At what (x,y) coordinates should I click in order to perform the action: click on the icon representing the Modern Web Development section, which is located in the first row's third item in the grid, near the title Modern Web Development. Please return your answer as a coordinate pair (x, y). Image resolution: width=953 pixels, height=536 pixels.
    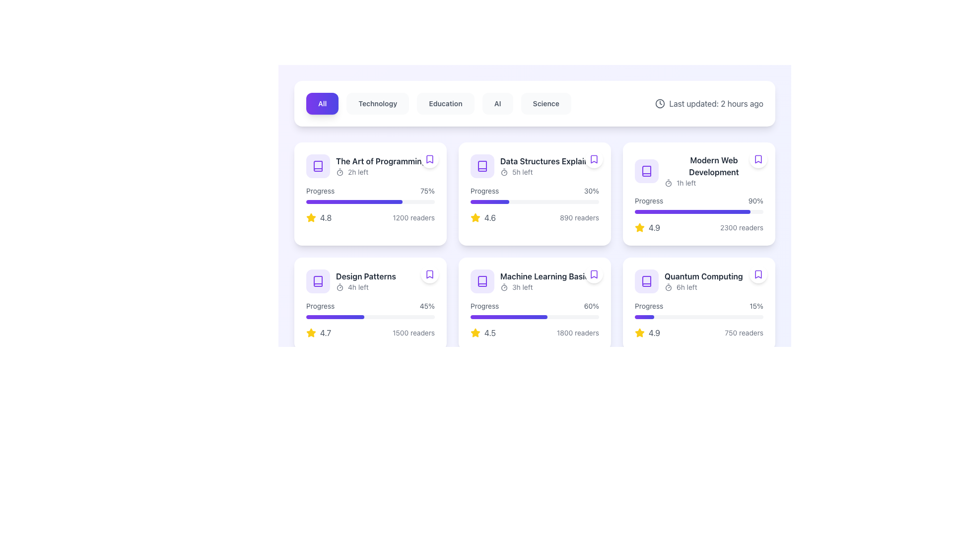
    Looking at the image, I should click on (646, 170).